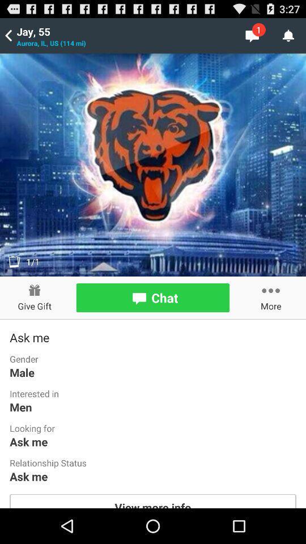 This screenshot has width=306, height=544. Describe the element at coordinates (152, 297) in the screenshot. I see `chat here` at that location.